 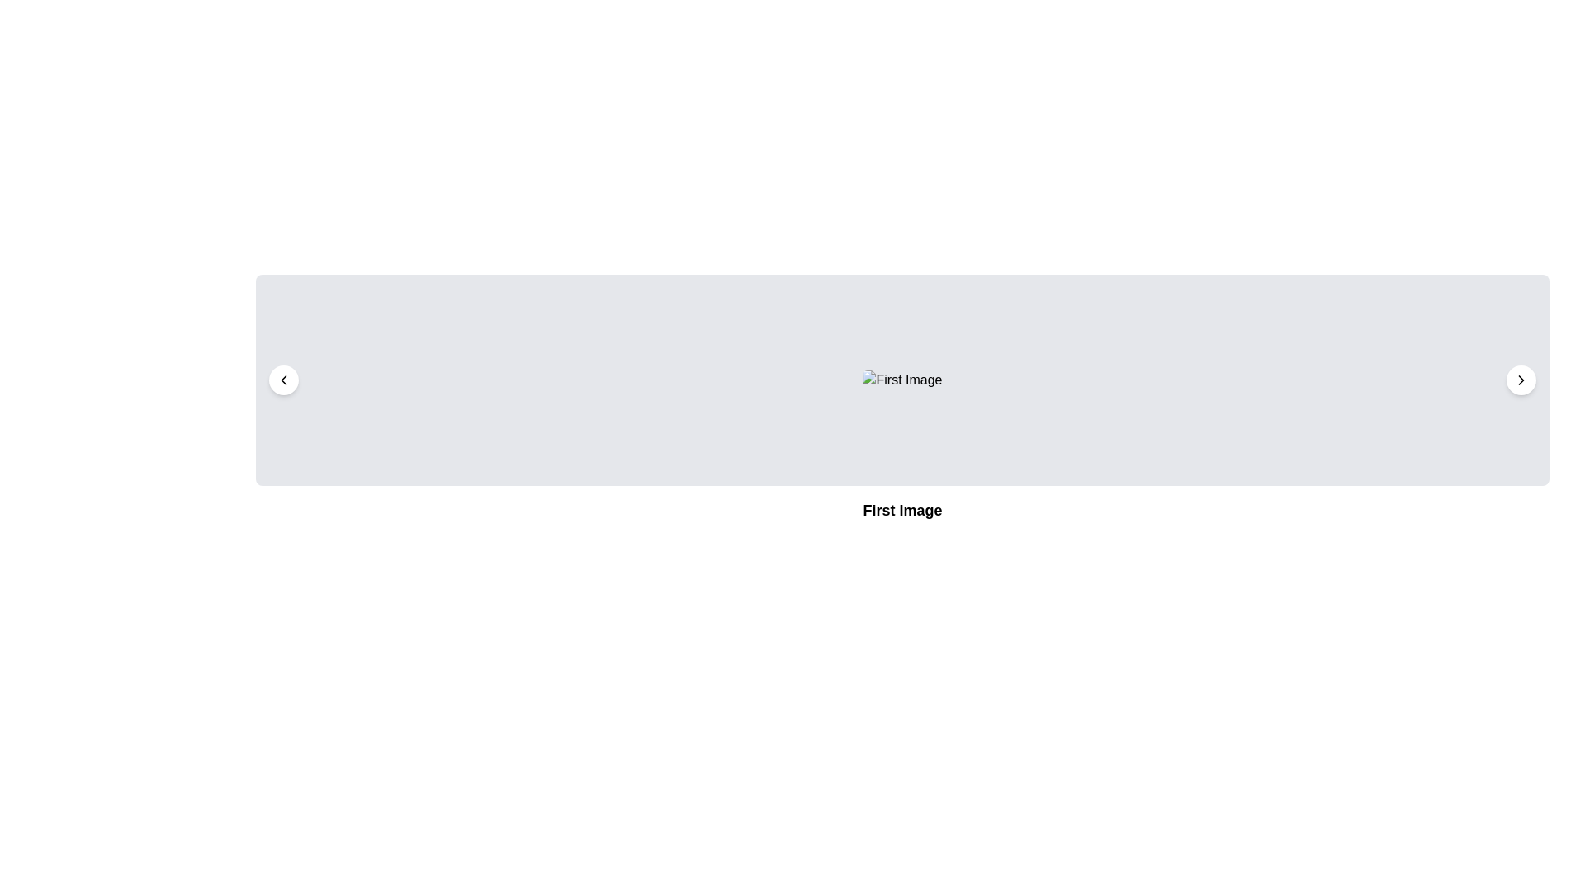 I want to click on the circular button with a white background and a black arrow icon, so click(x=1521, y=380).